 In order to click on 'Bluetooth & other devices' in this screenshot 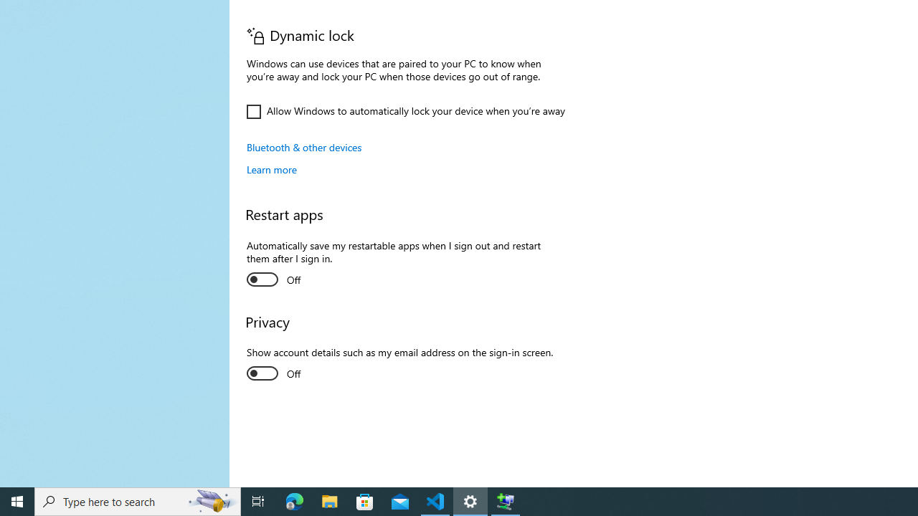, I will do `click(303, 147)`.